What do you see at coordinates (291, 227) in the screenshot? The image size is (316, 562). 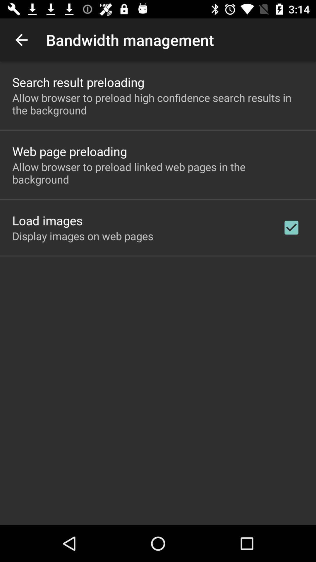 I see `checkbox on the right` at bounding box center [291, 227].